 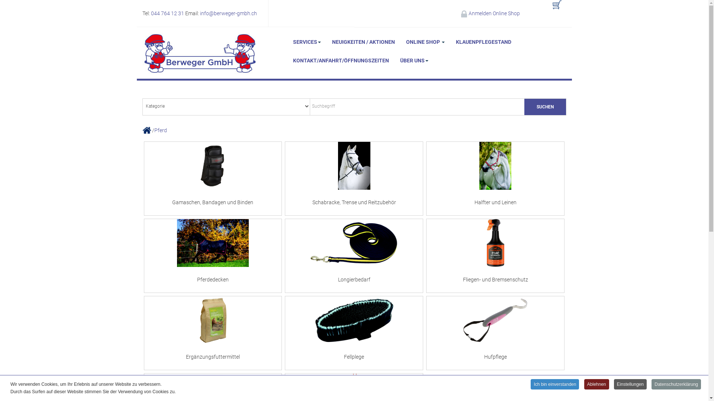 I want to click on 'Pferdedecken', so click(x=212, y=255).